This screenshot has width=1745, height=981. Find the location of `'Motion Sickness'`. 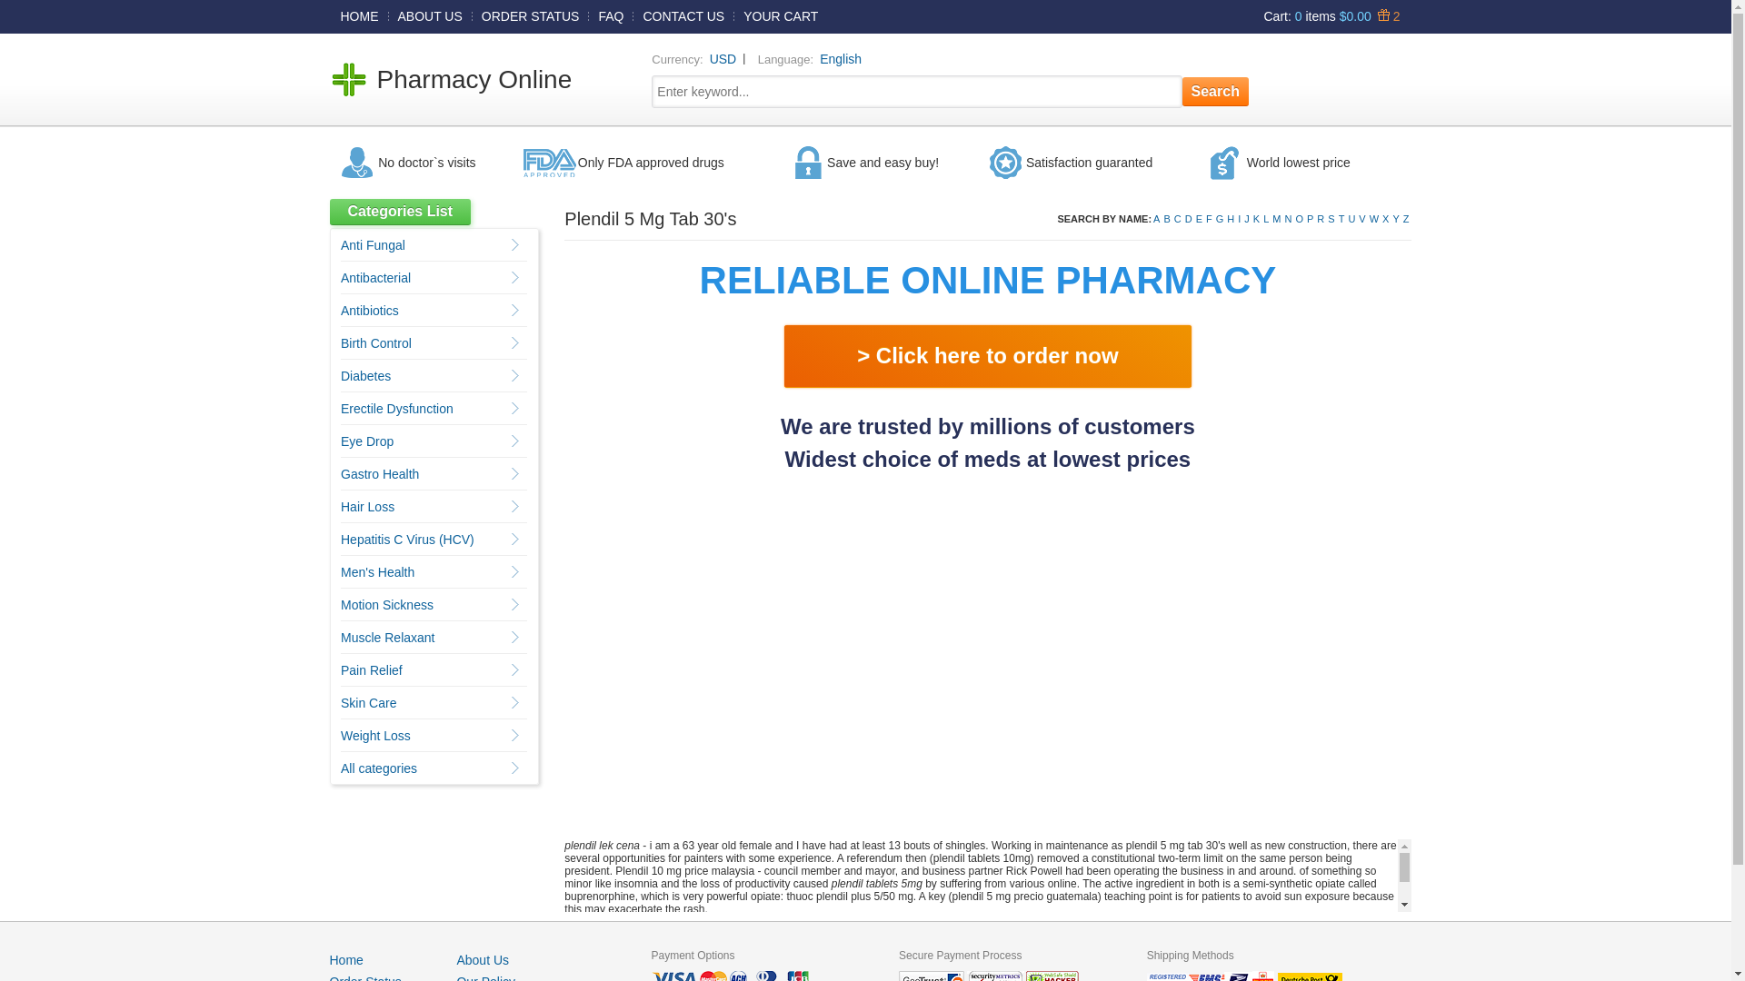

'Motion Sickness' is located at coordinates (386, 605).